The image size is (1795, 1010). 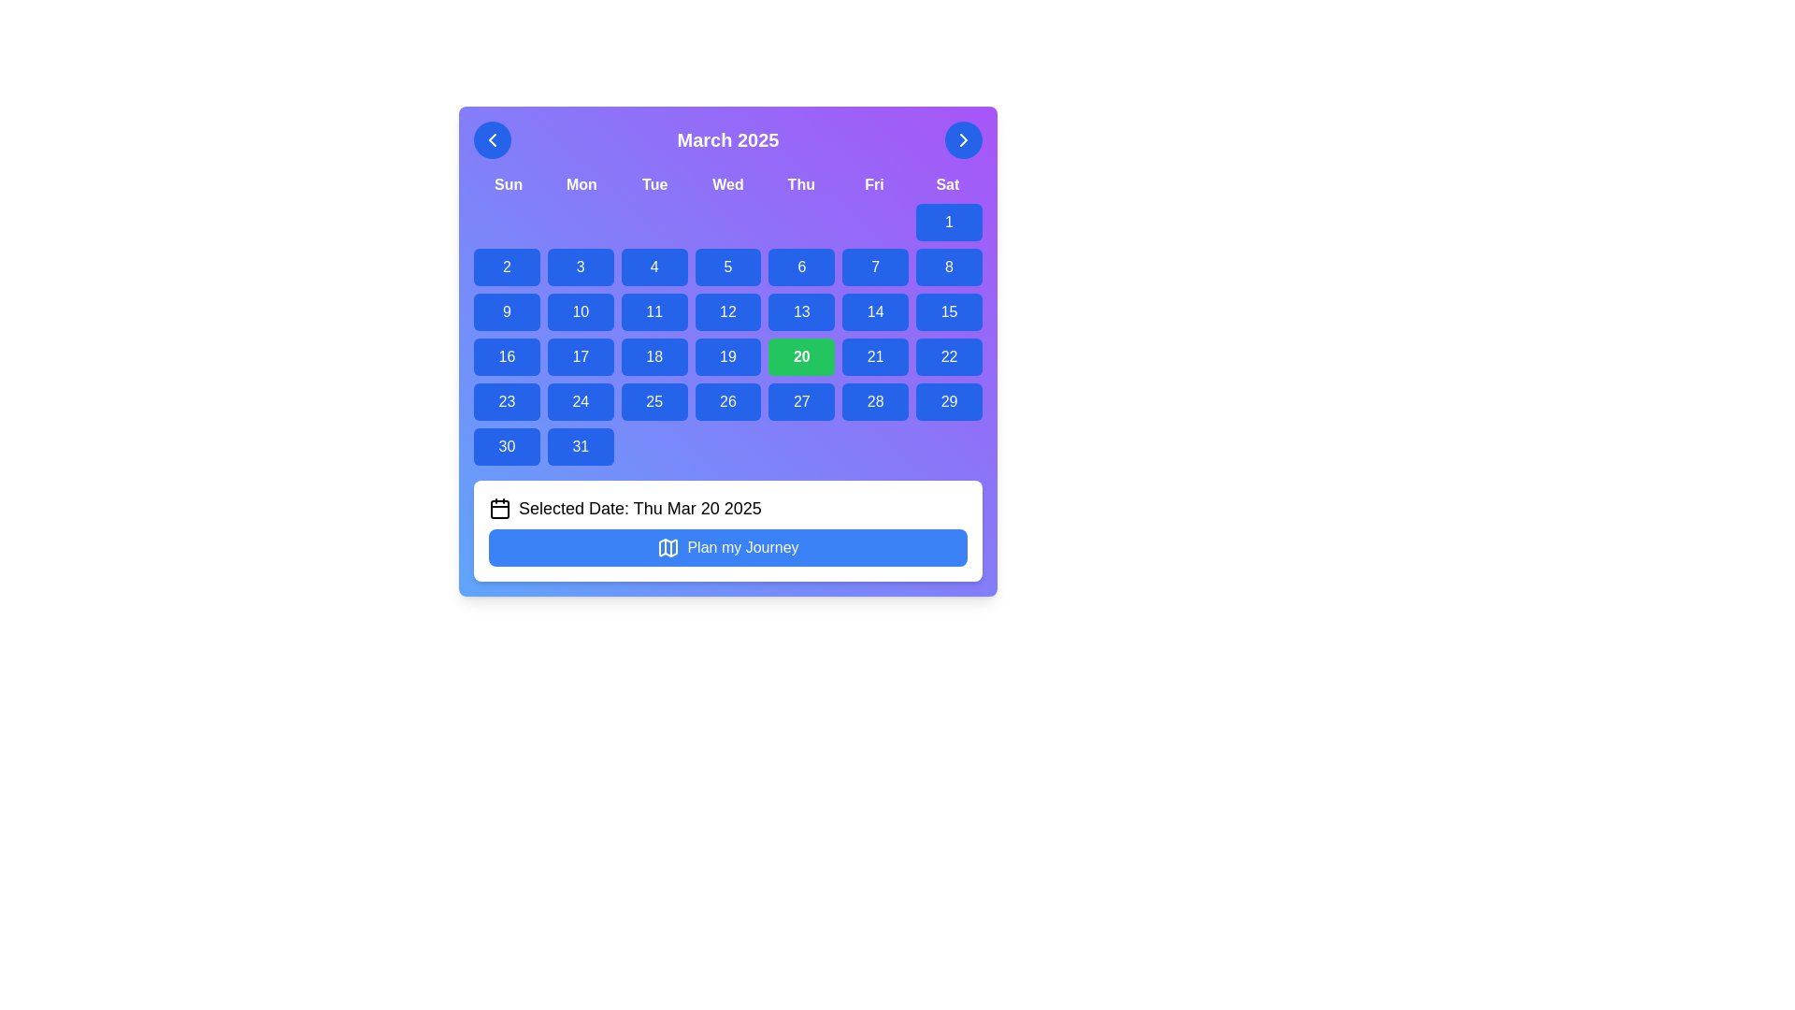 What do you see at coordinates (509, 184) in the screenshot?
I see `the static text label displaying 'Sun' in white color on a purple background, which is the first element in the row of days of the week` at bounding box center [509, 184].